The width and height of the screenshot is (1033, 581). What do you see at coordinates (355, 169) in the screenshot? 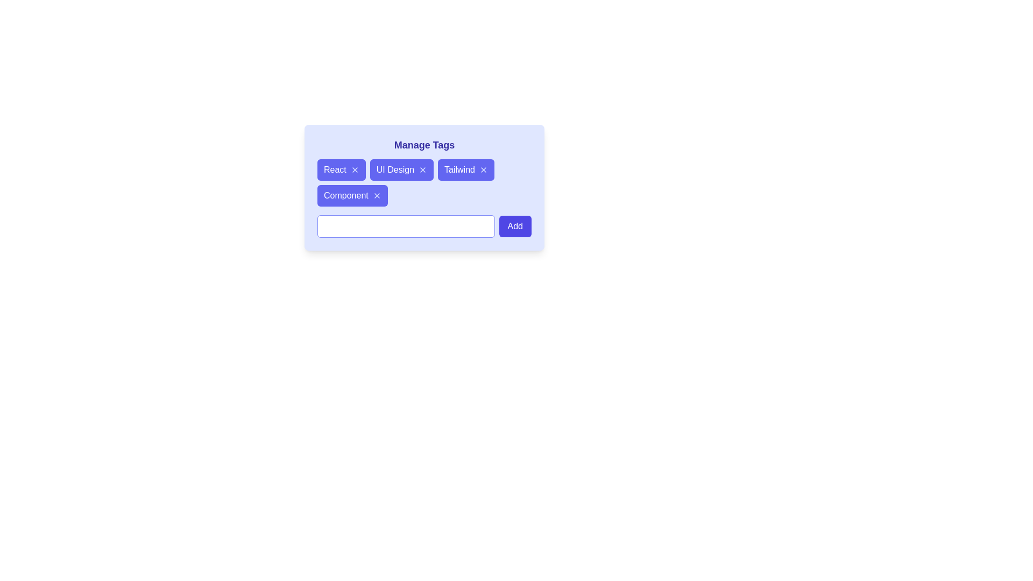
I see `the close button of the tag labeled React to remove it` at bounding box center [355, 169].